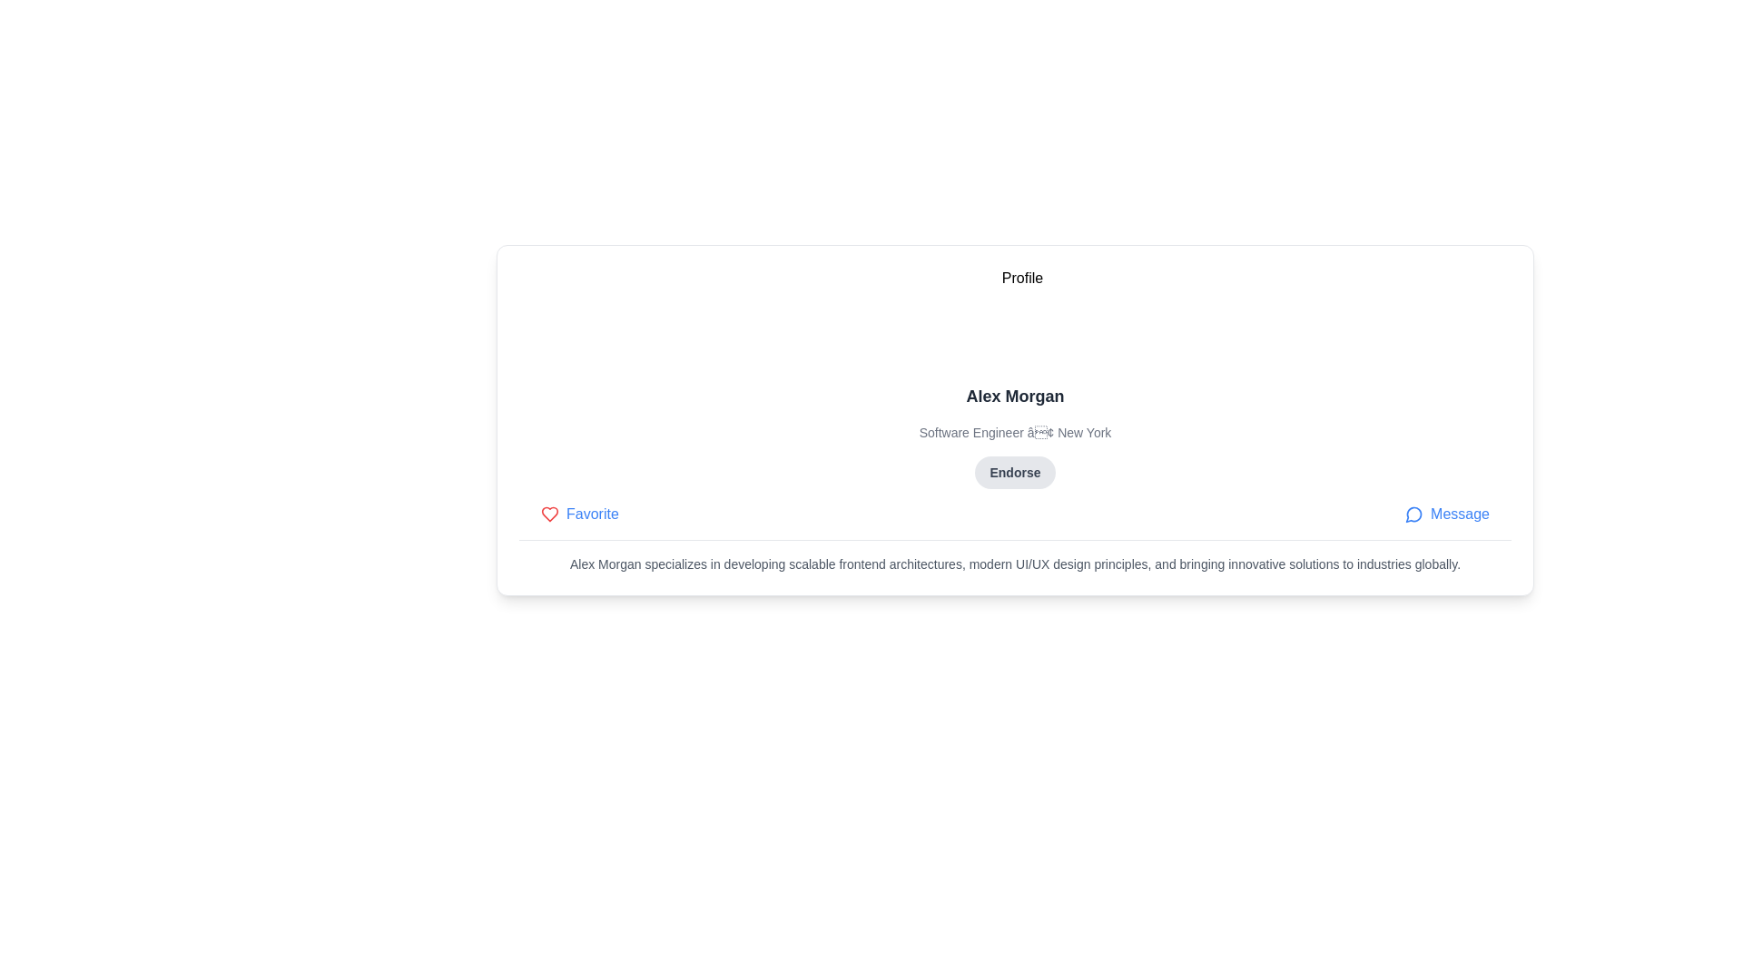 Image resolution: width=1743 pixels, height=980 pixels. Describe the element at coordinates (1460, 514) in the screenshot. I see `the 'Message' text label, which is styled in blue and located in the bottom-right corner of the profile card interface, adjacent to a speech bubble icon` at that location.